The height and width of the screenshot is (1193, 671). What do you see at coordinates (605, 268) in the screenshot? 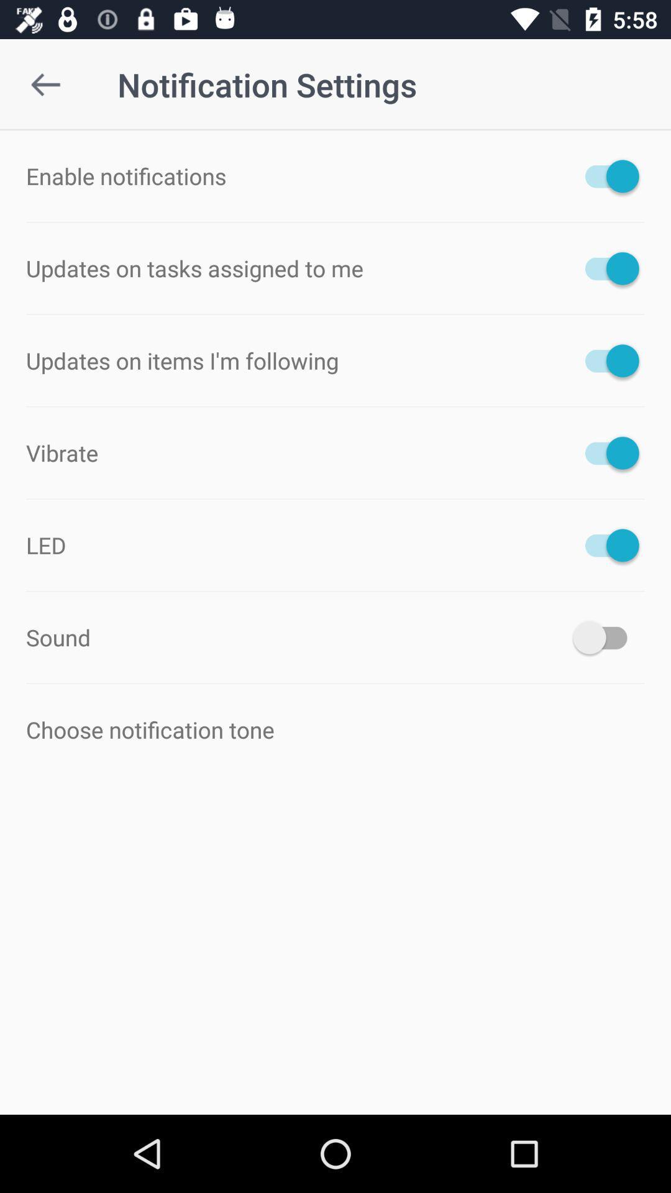
I see `icon to the right of updates on tasks item` at bounding box center [605, 268].